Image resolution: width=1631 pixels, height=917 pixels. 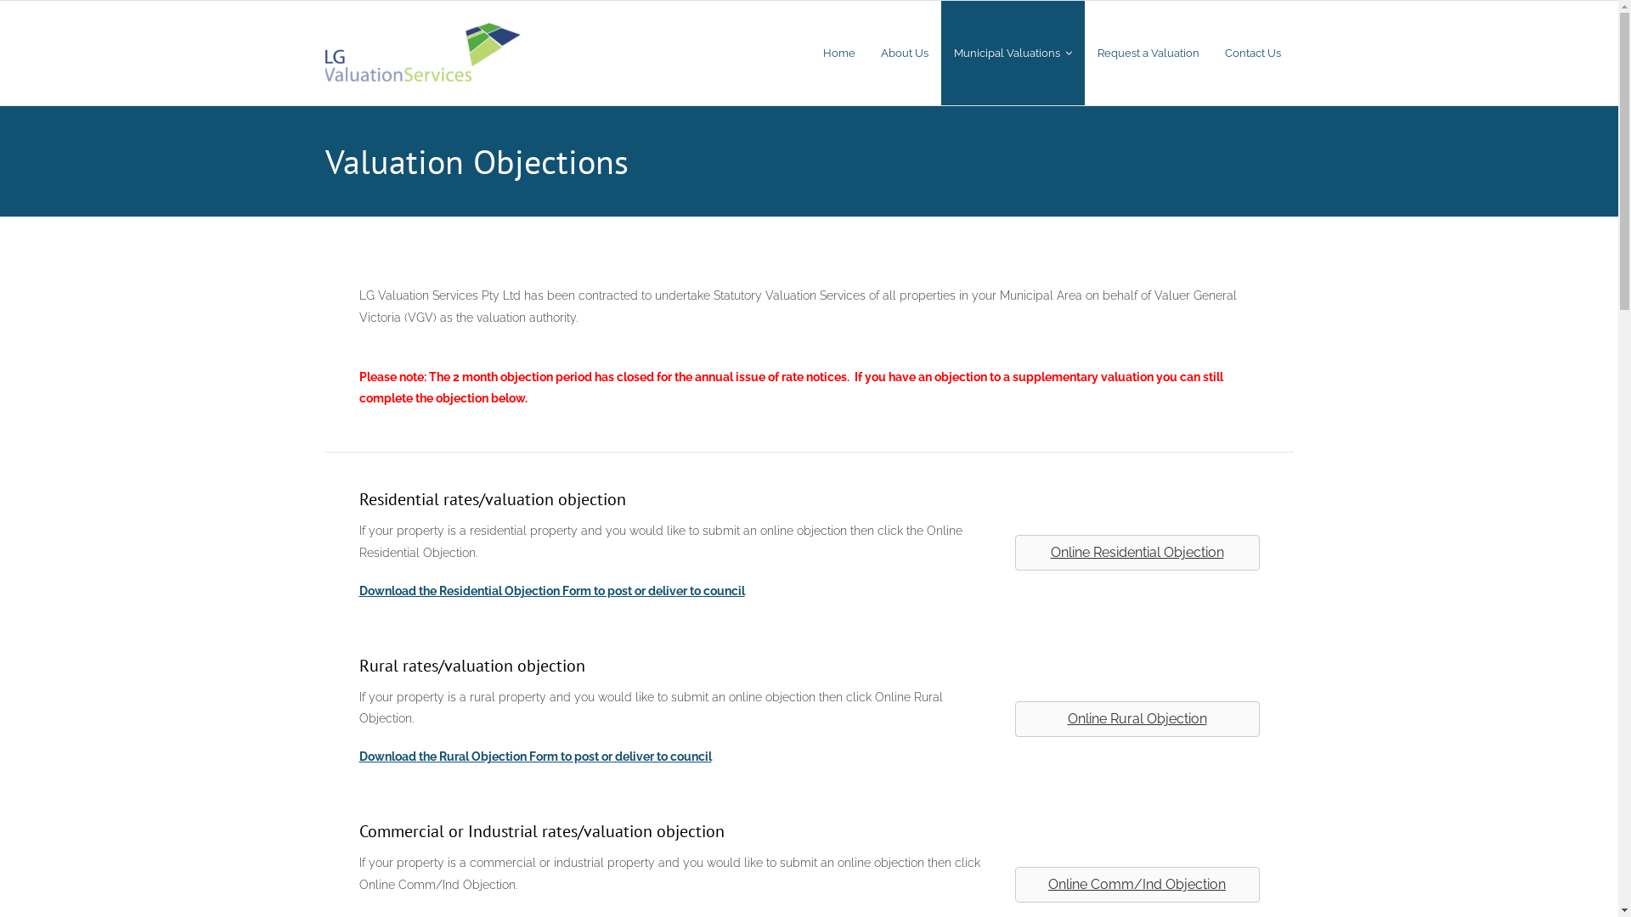 What do you see at coordinates (1013, 52) in the screenshot?
I see `'Municipal Valuations'` at bounding box center [1013, 52].